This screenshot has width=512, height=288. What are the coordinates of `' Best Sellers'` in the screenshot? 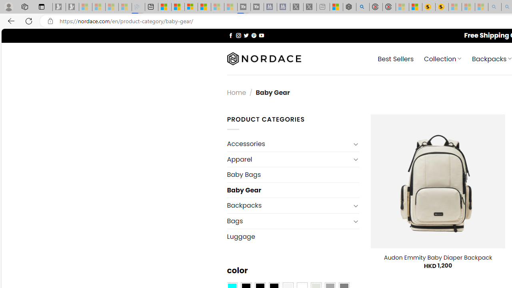 It's located at (396, 58).